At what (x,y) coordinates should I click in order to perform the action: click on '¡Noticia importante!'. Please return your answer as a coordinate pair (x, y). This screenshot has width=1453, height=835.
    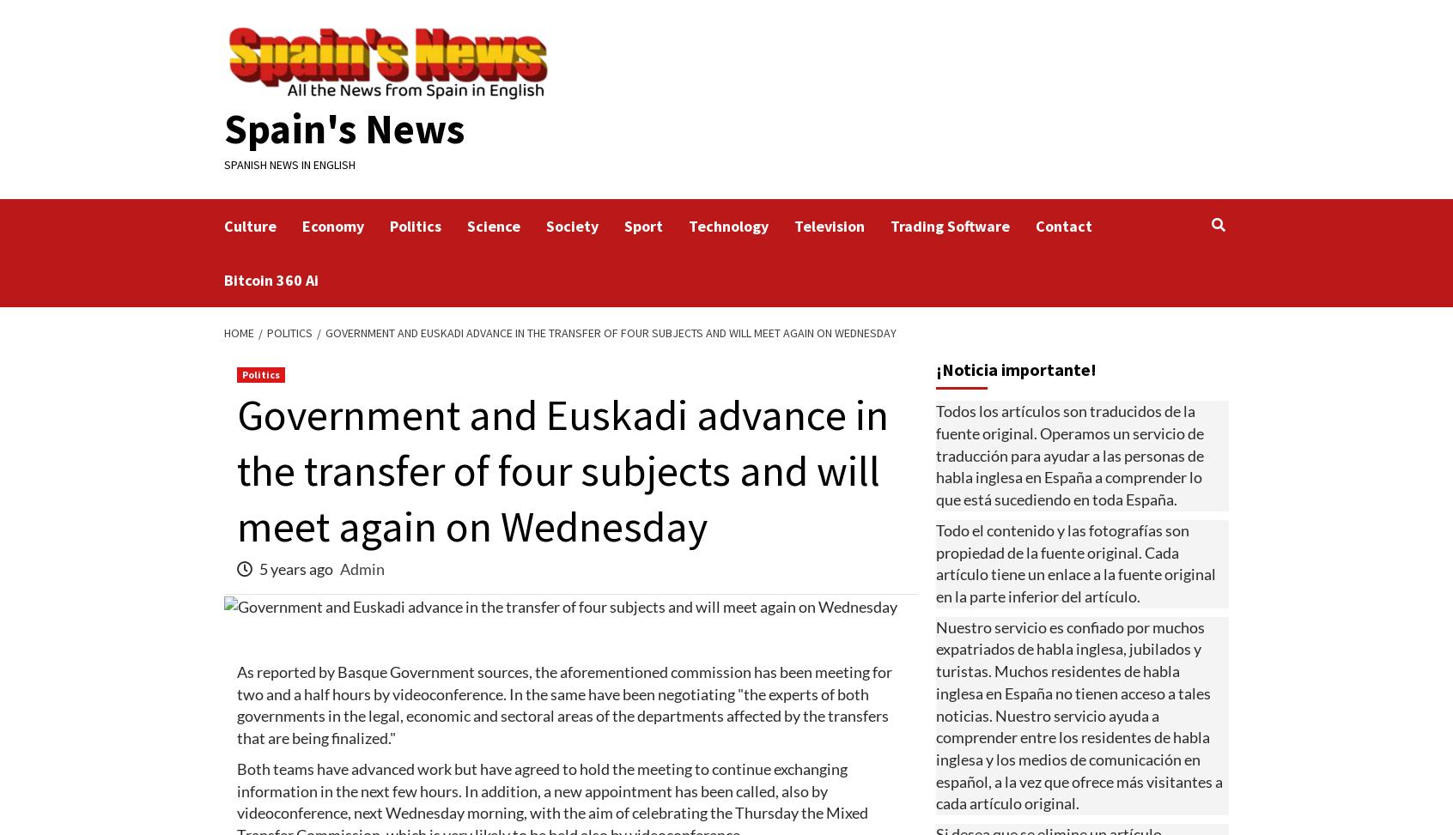
    Looking at the image, I should click on (1015, 369).